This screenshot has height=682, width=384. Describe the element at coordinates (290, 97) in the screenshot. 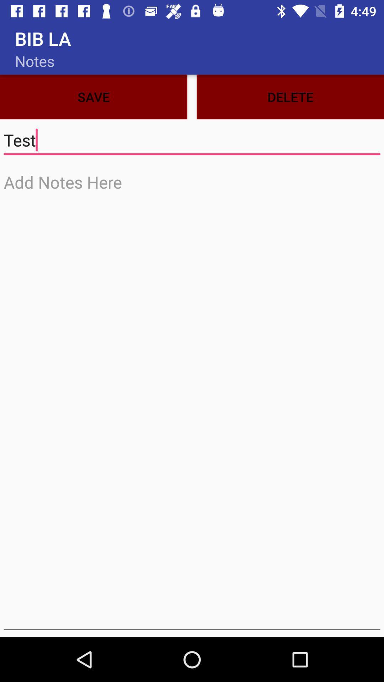

I see `delete` at that location.